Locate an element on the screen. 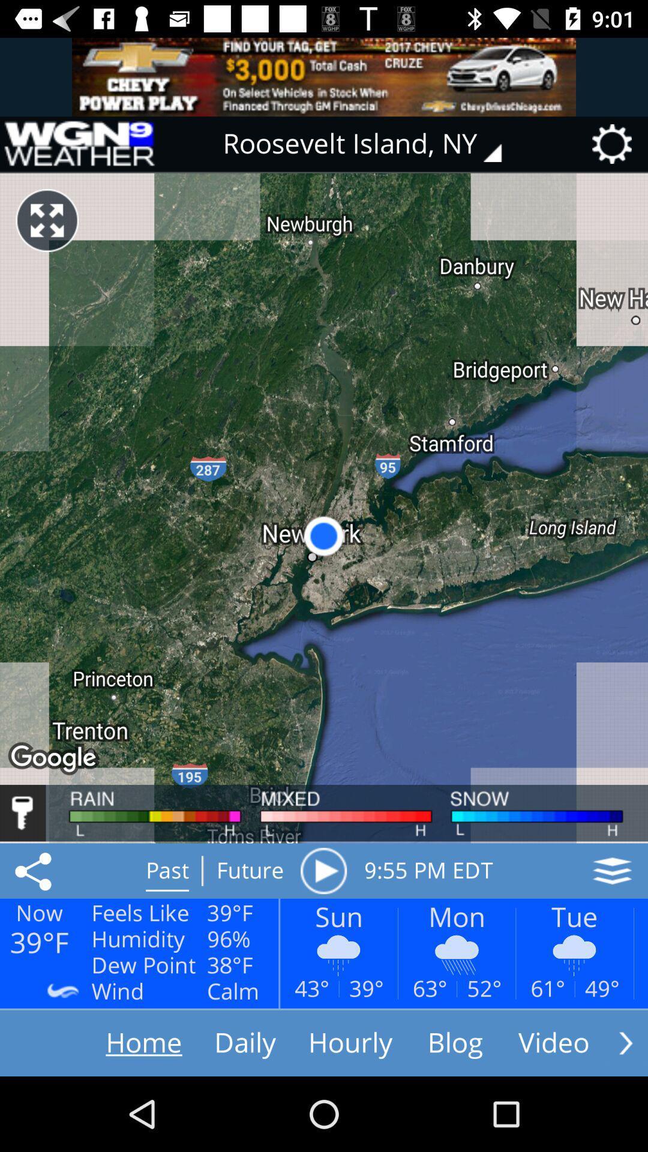 Image resolution: width=648 pixels, height=1152 pixels. open share options is located at coordinates (35, 871).